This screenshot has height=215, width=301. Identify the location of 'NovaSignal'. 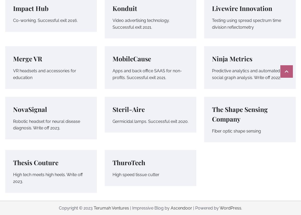
(30, 109).